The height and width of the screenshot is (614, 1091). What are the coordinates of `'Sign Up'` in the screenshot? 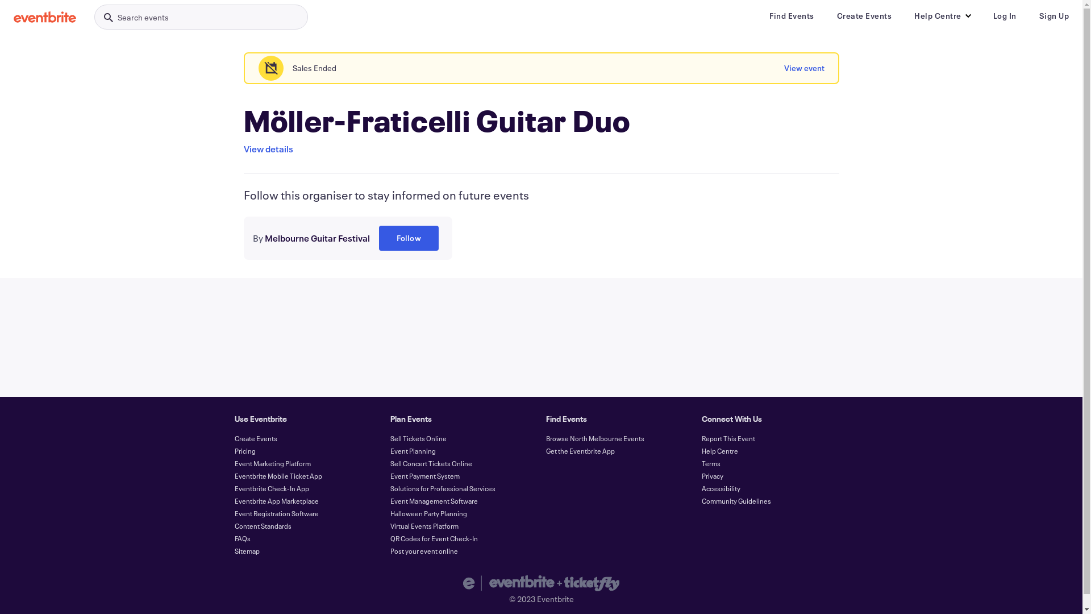 It's located at (1053, 15).